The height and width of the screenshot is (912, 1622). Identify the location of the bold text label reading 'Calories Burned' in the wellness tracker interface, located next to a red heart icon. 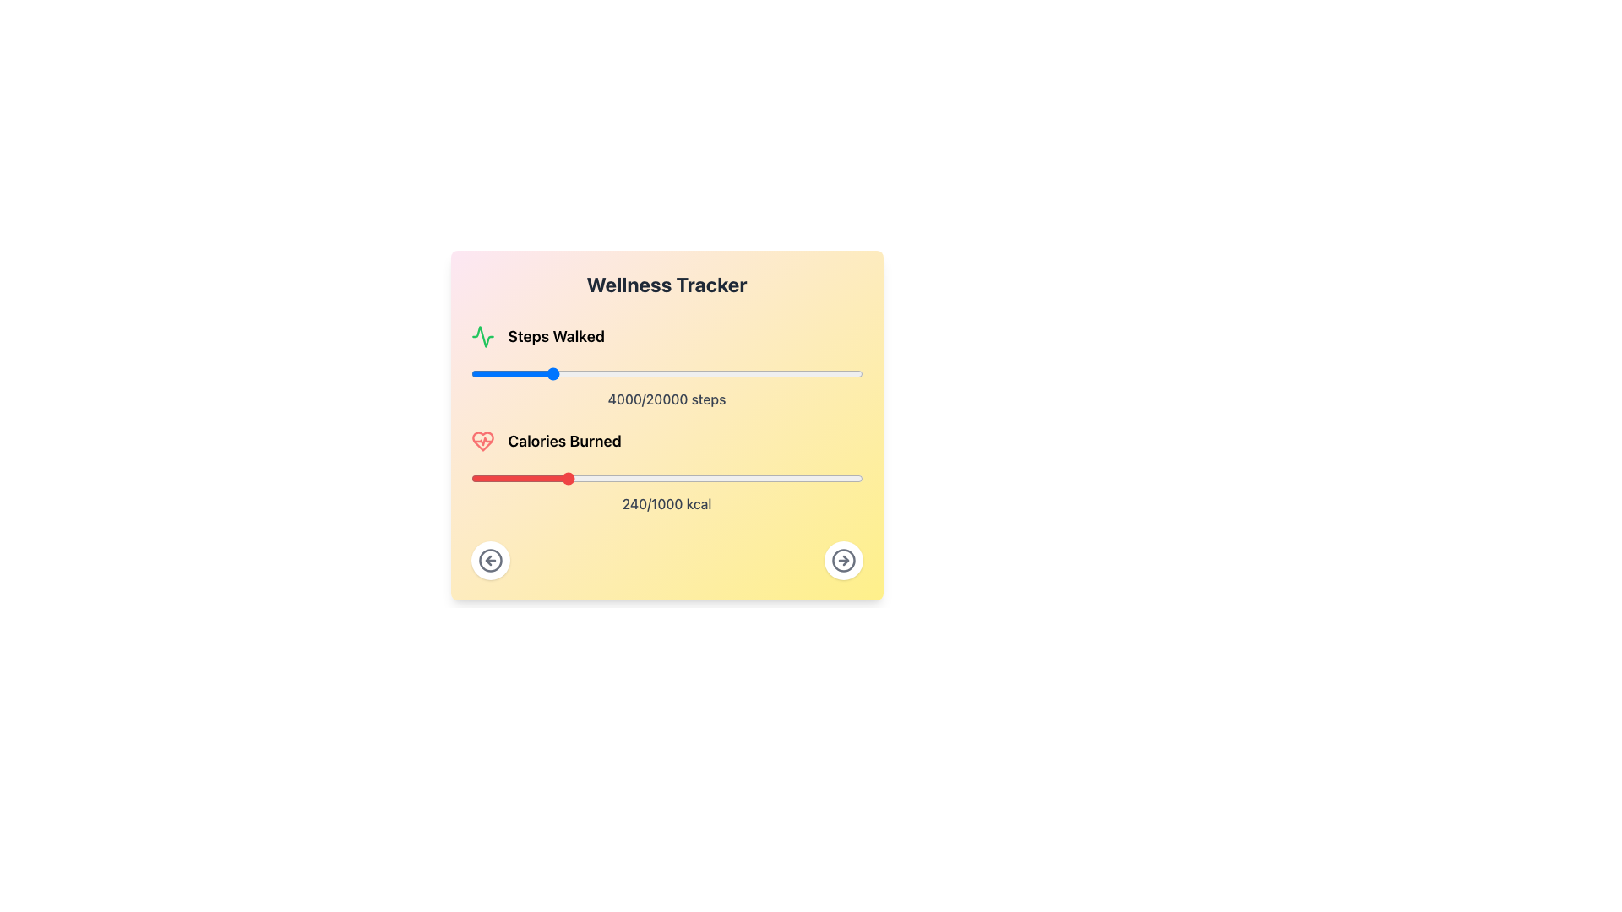
(564, 441).